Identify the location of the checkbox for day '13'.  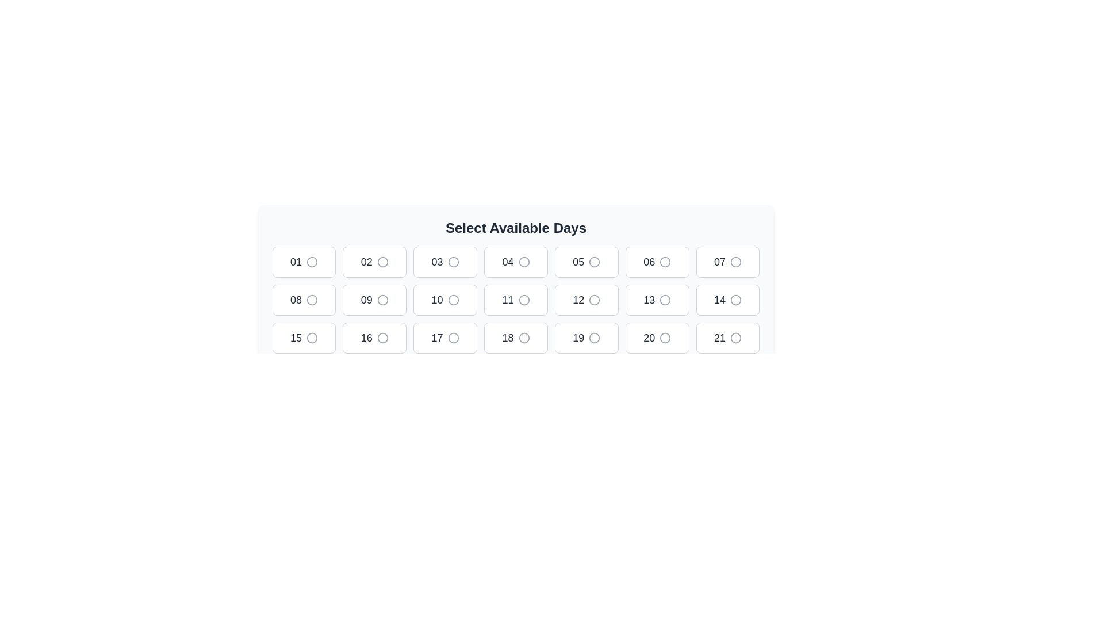
(665, 299).